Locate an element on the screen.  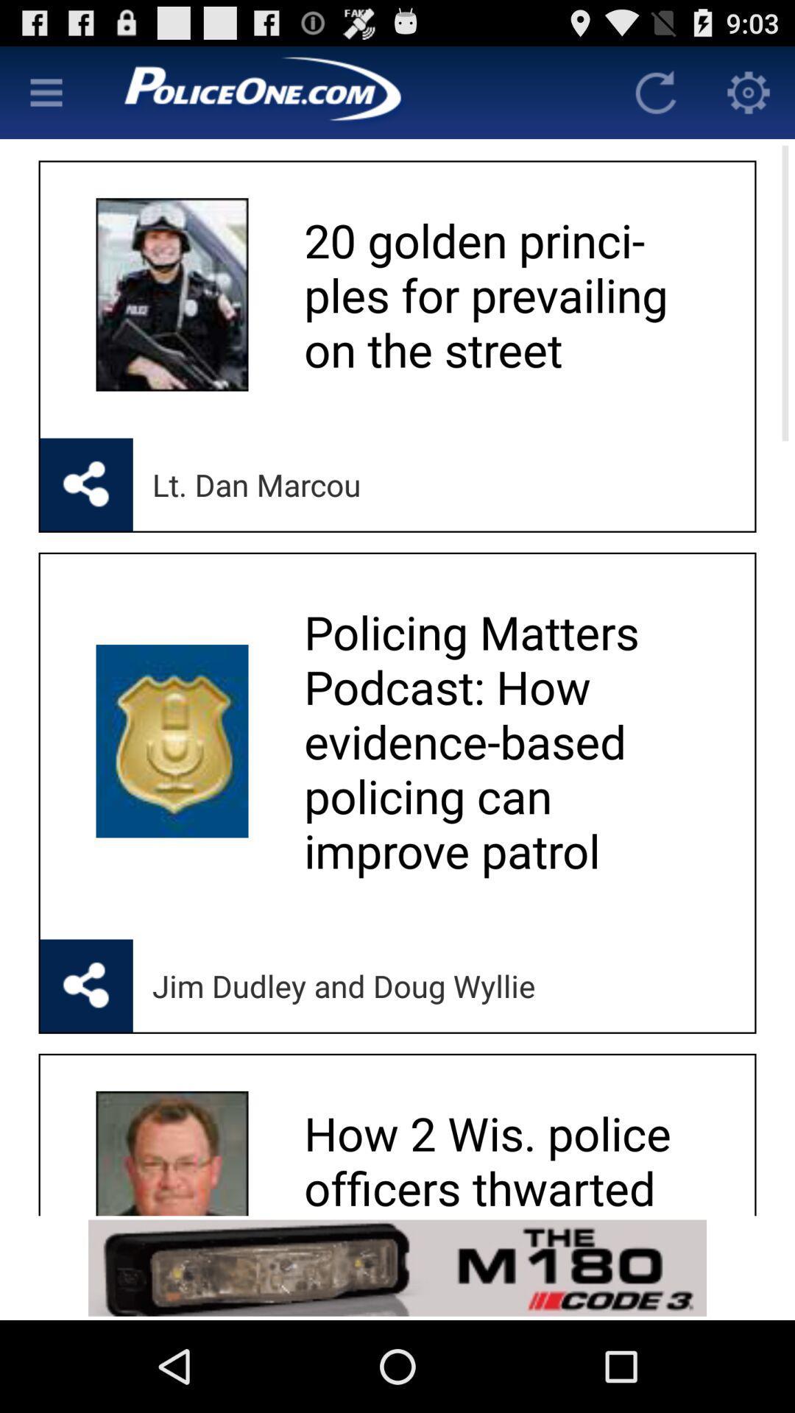
menu page is located at coordinates (45, 91).